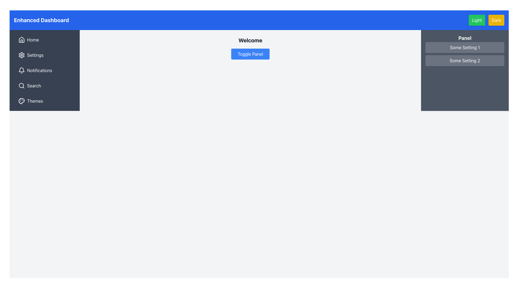 The height and width of the screenshot is (295, 526). What do you see at coordinates (250, 54) in the screenshot?
I see `the toggle button located at the horizontal center of the webpage, directly beneath the 'Welcome' title` at bounding box center [250, 54].